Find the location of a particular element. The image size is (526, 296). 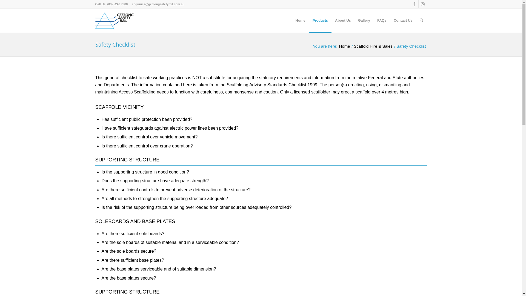

'FAQs' is located at coordinates (373, 20).